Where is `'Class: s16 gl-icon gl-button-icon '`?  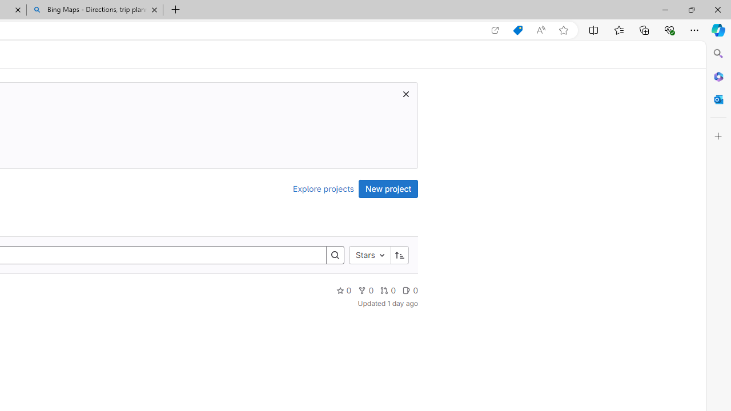 'Class: s16 gl-icon gl-button-icon ' is located at coordinates (406, 93).